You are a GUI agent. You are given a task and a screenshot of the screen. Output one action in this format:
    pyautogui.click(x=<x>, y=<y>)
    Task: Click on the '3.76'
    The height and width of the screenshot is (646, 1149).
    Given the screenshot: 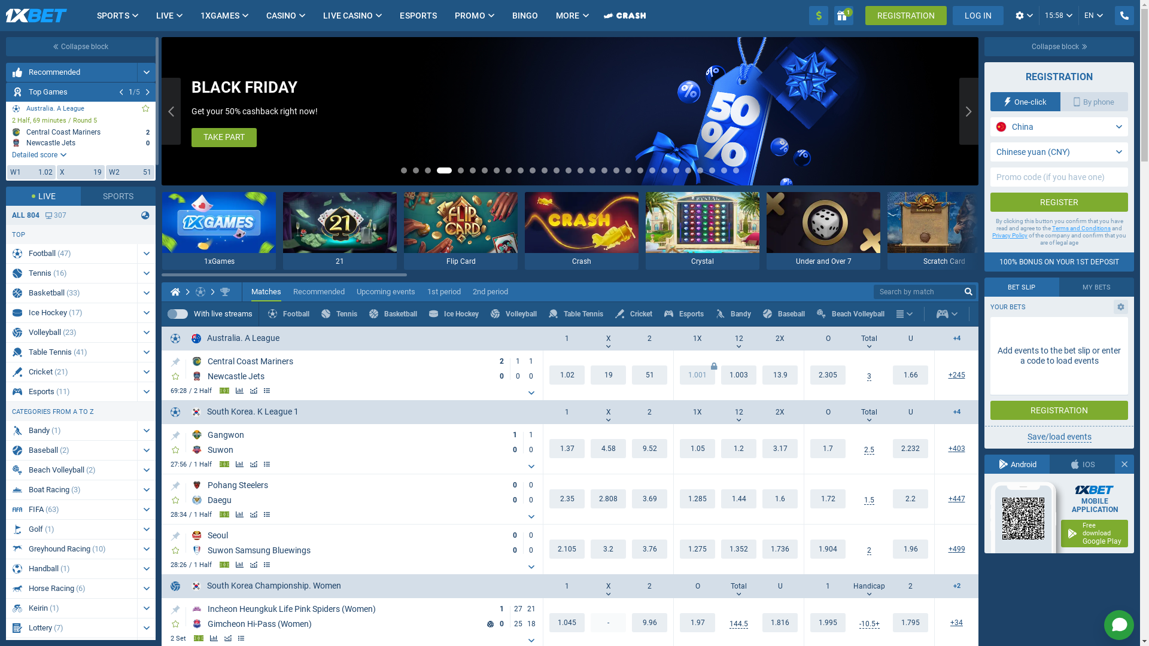 What is the action you would take?
    pyautogui.click(x=649, y=549)
    